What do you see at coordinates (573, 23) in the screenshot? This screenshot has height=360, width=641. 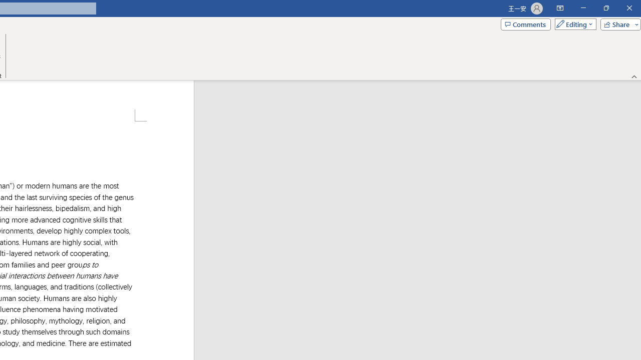 I see `'Editing'` at bounding box center [573, 23].